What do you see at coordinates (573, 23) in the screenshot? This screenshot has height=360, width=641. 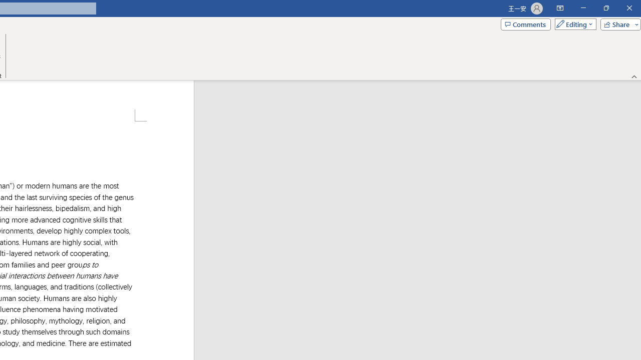 I see `'Editing'` at bounding box center [573, 23].